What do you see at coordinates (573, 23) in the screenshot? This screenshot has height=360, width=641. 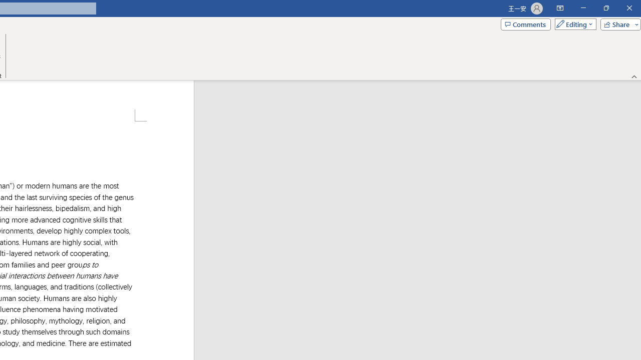 I see `'Editing'` at bounding box center [573, 23].